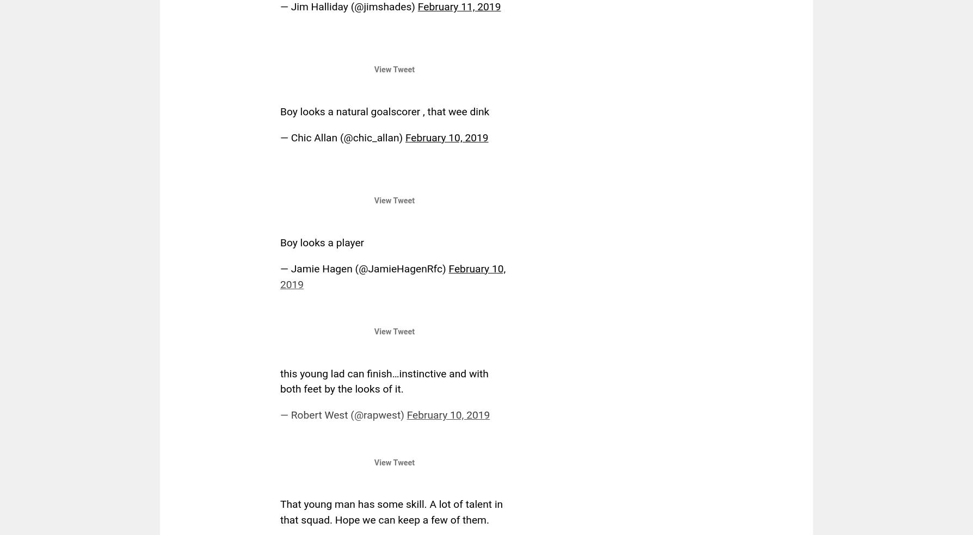 The height and width of the screenshot is (535, 973). What do you see at coordinates (391, 512) in the screenshot?
I see `'That young man has some skill. A lot of talent in that squad. Hope we can keep a few of them.'` at bounding box center [391, 512].